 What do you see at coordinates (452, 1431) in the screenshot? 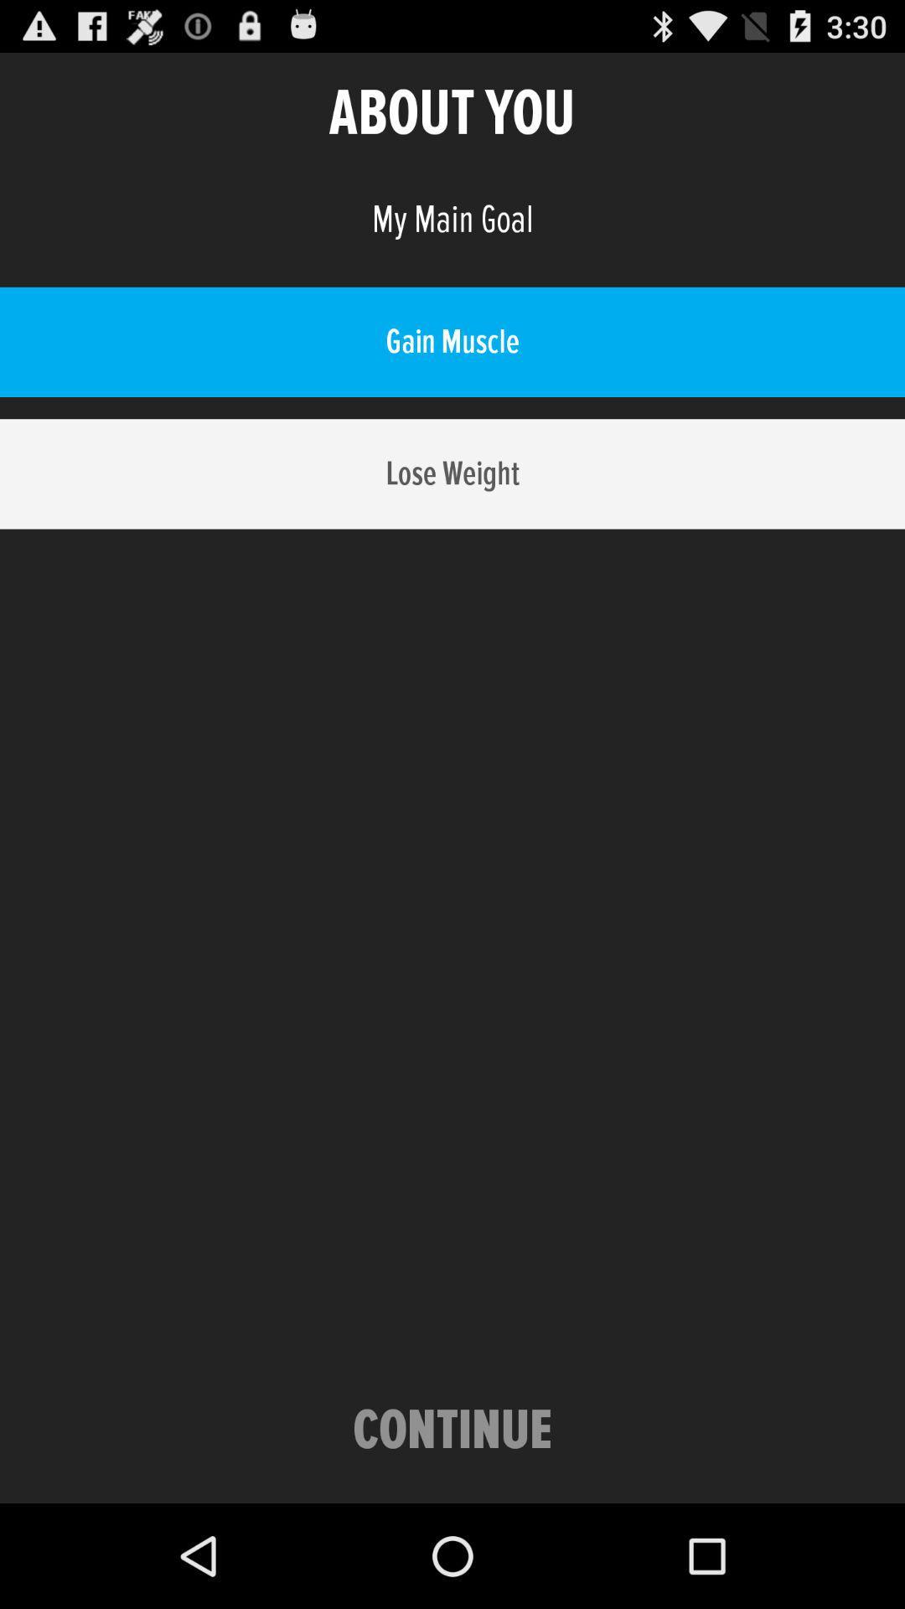
I see `the item below the lose weight icon` at bounding box center [452, 1431].